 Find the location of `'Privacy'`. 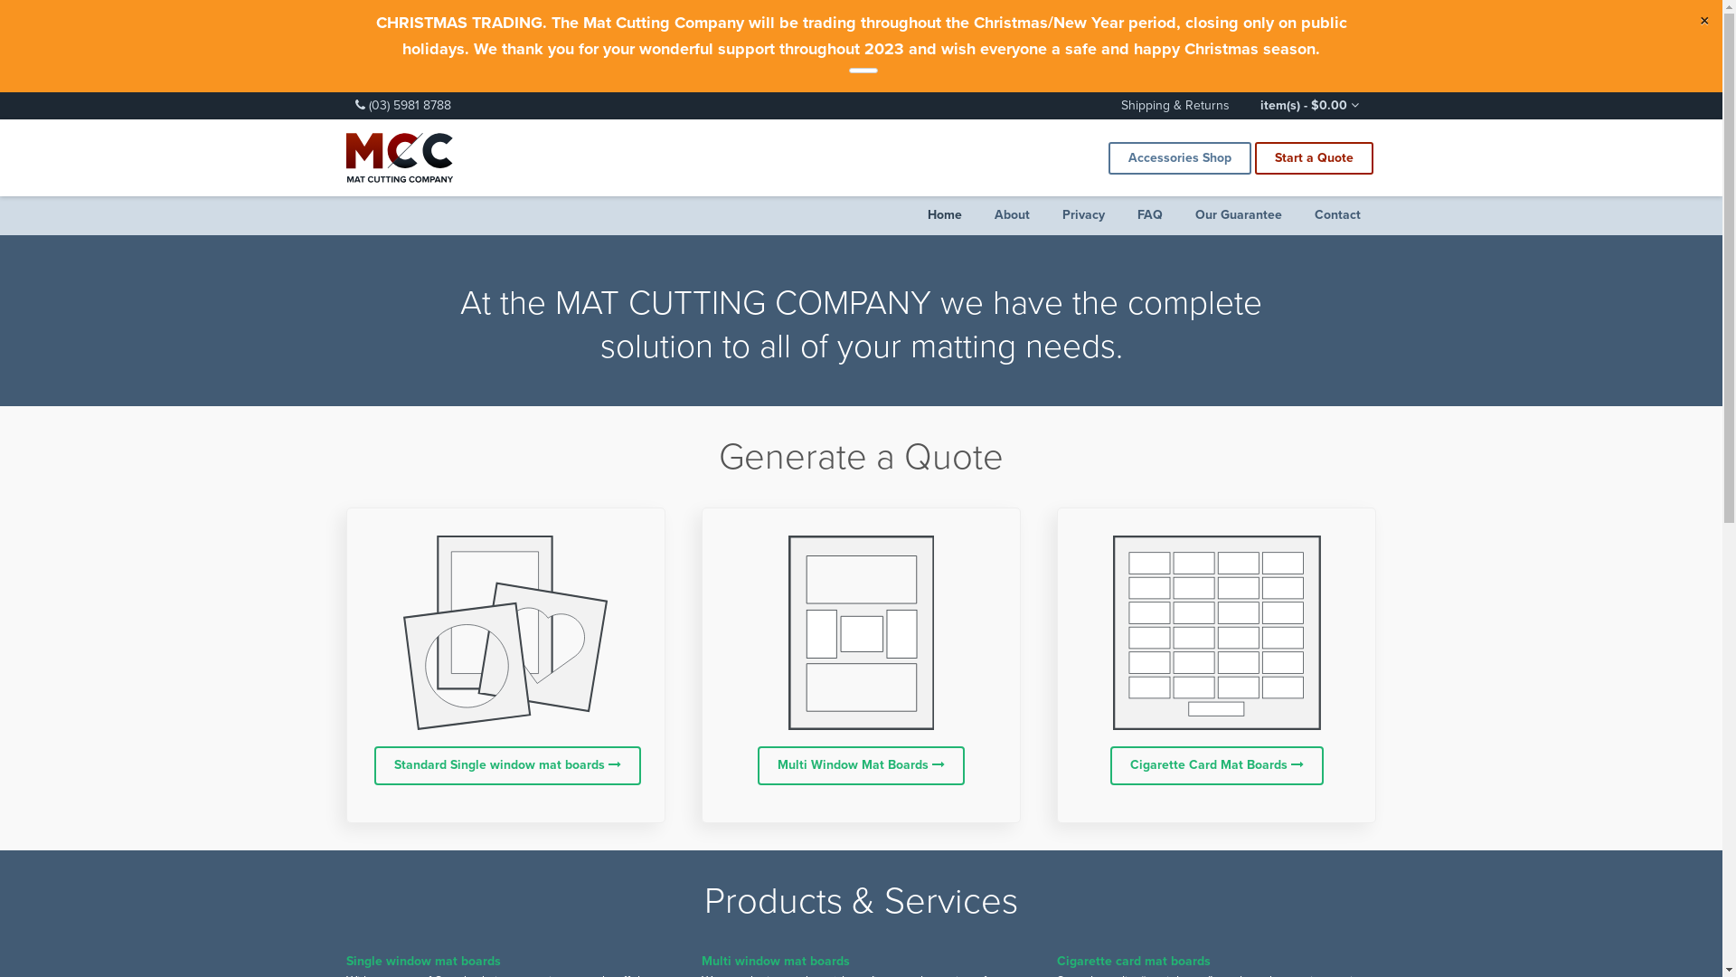

'Privacy' is located at coordinates (1082, 214).